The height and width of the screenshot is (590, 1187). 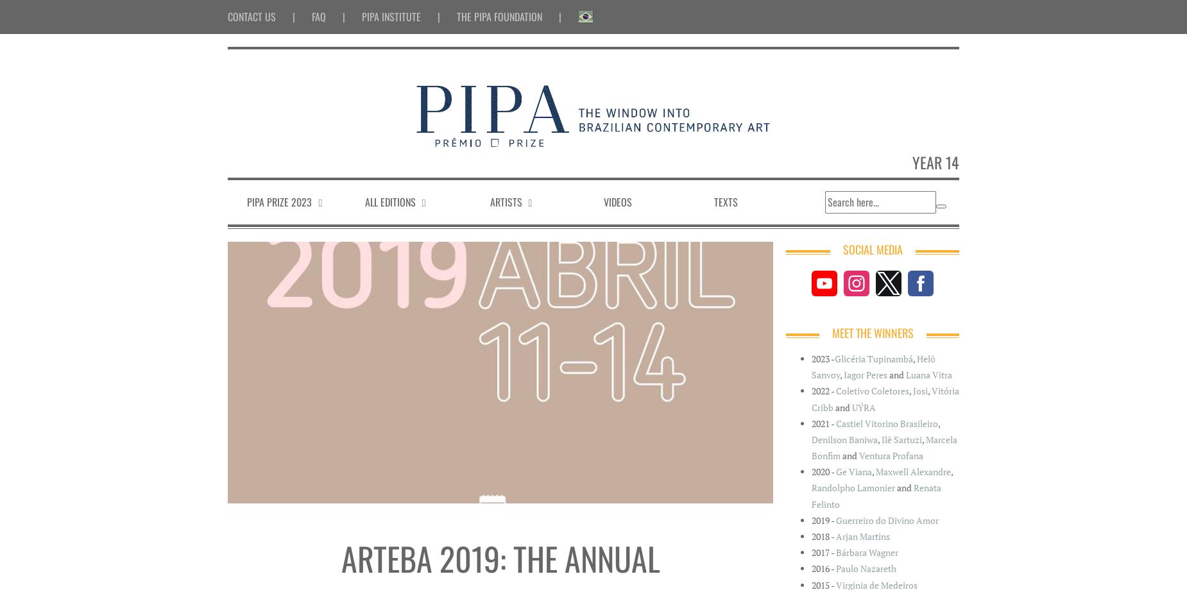 What do you see at coordinates (863, 406) in the screenshot?
I see `'UÝRA'` at bounding box center [863, 406].